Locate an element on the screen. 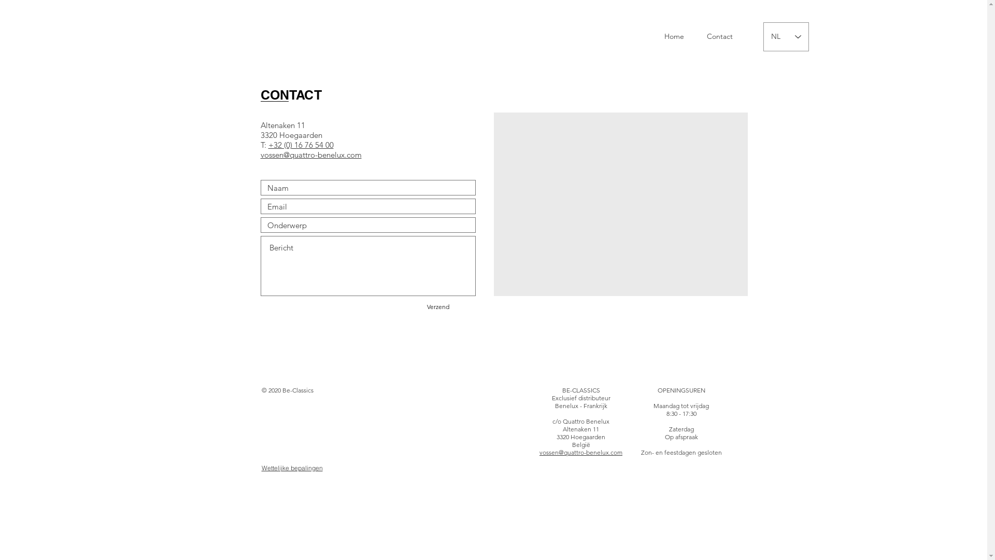 The height and width of the screenshot is (560, 995). 'Verzend' is located at coordinates (437, 306).